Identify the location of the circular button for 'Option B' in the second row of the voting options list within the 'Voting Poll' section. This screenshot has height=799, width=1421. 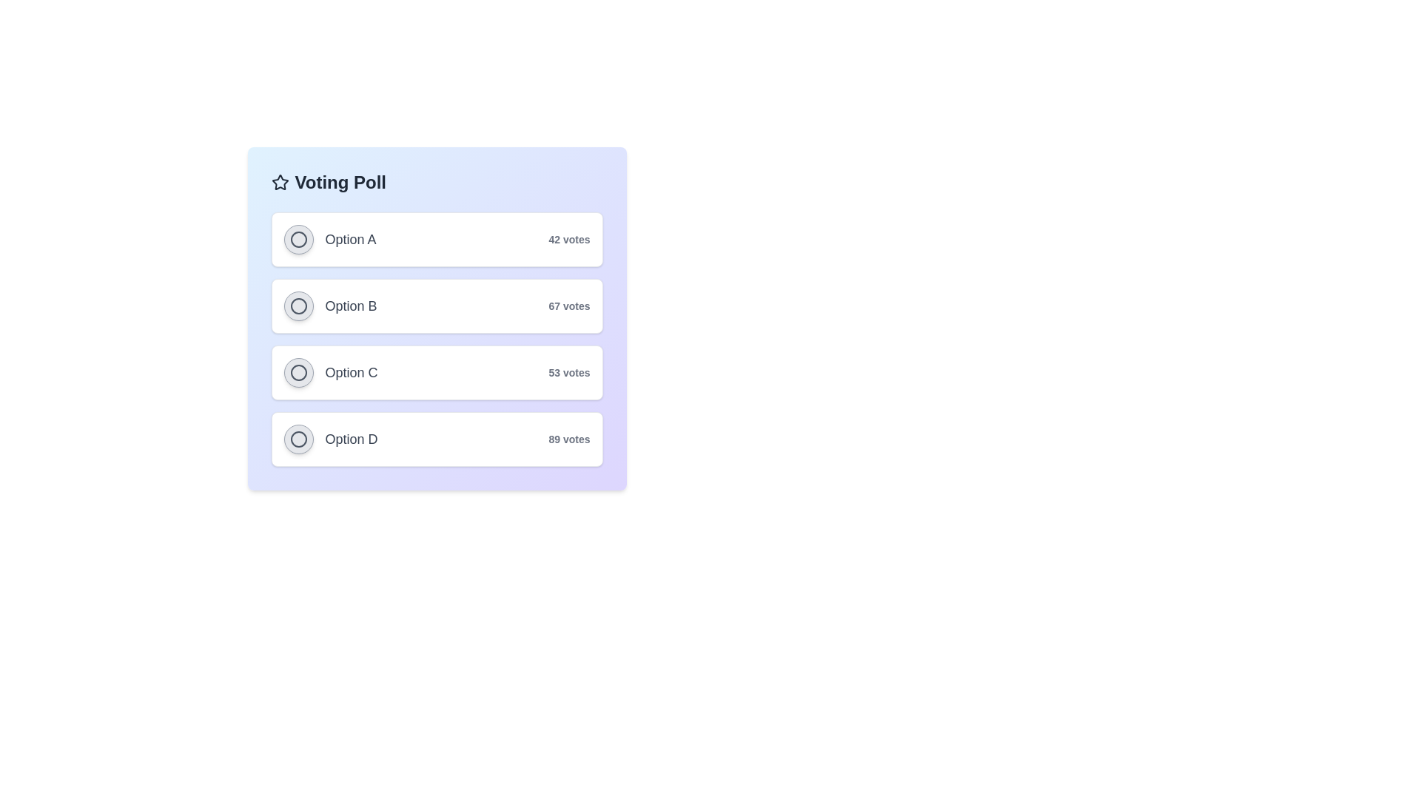
(329, 305).